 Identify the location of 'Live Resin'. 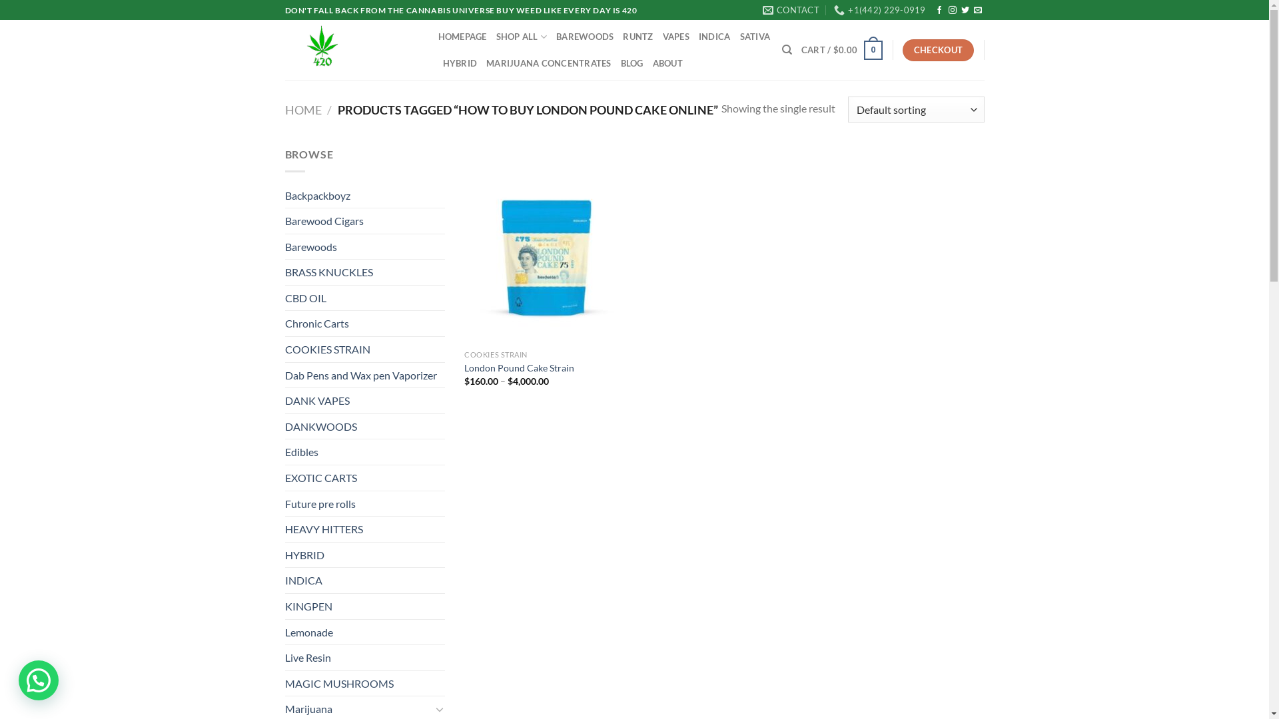
(364, 656).